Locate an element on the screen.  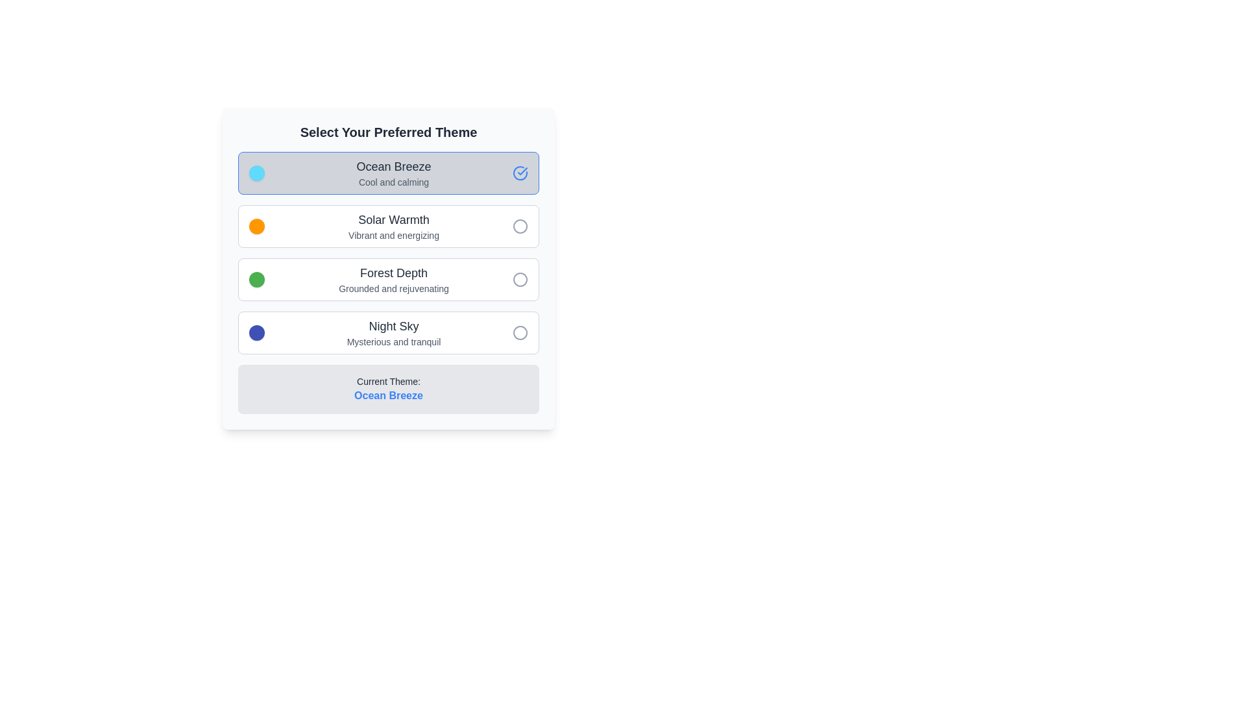
the text label indicating the name of a specific selectable theme, which is centrally aligned above 'Vibrant and energizing' and below 'Ocean Breeze' is located at coordinates (393, 219).